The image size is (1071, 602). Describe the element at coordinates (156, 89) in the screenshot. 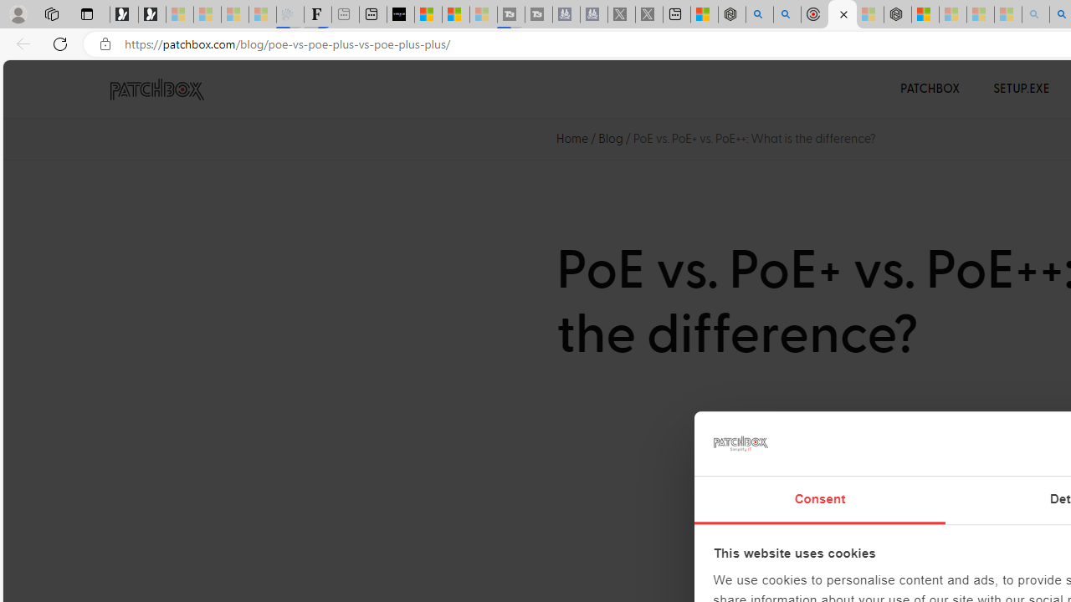

I see `'PATCHBOX - Simplify IT'` at that location.